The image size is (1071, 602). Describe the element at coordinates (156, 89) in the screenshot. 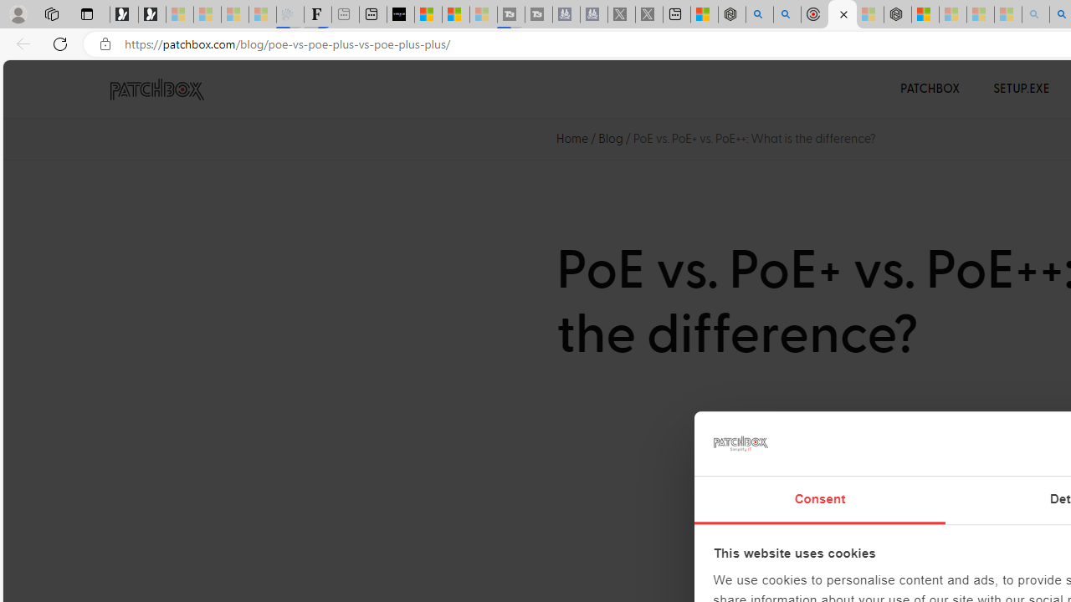

I see `'PATCHBOX - Simplify IT'` at that location.